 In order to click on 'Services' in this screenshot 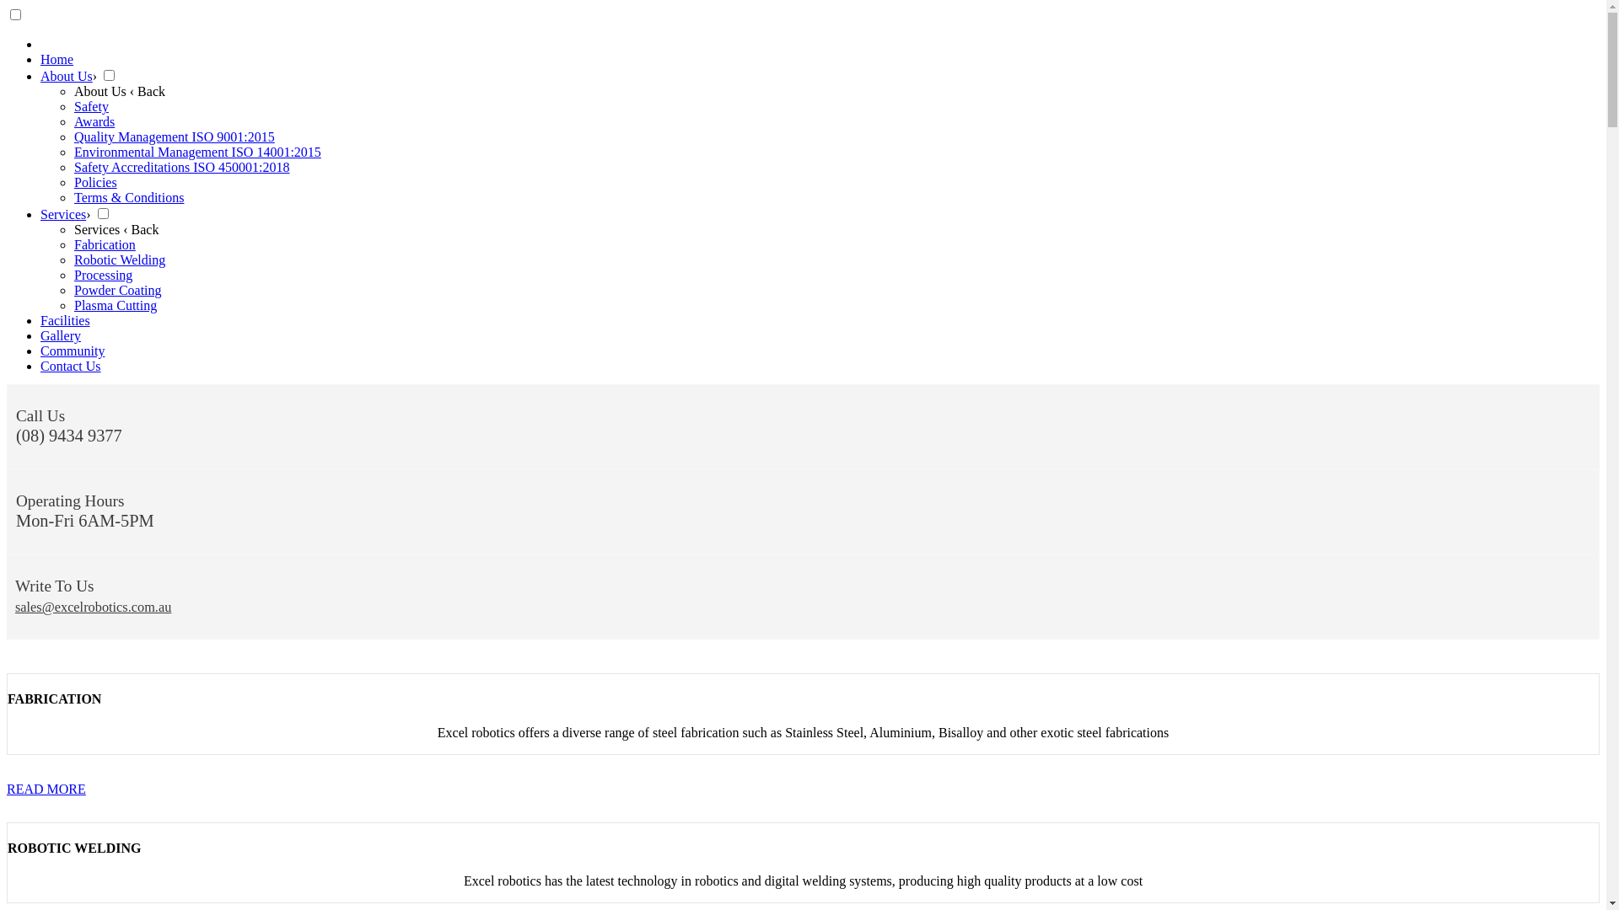, I will do `click(40, 213)`.